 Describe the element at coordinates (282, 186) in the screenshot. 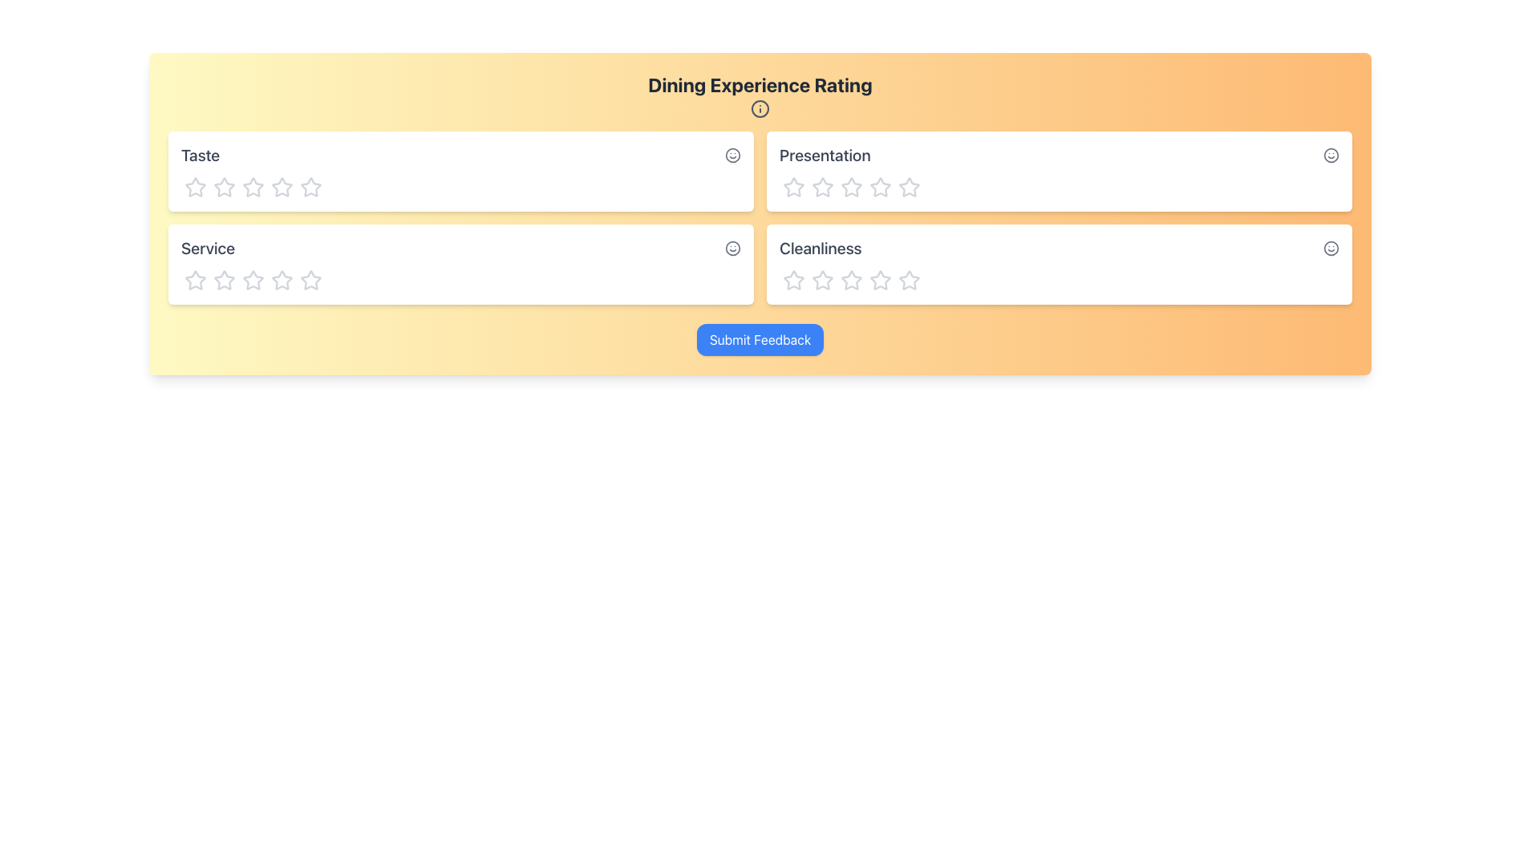

I see `the second star-shaped icon` at that location.